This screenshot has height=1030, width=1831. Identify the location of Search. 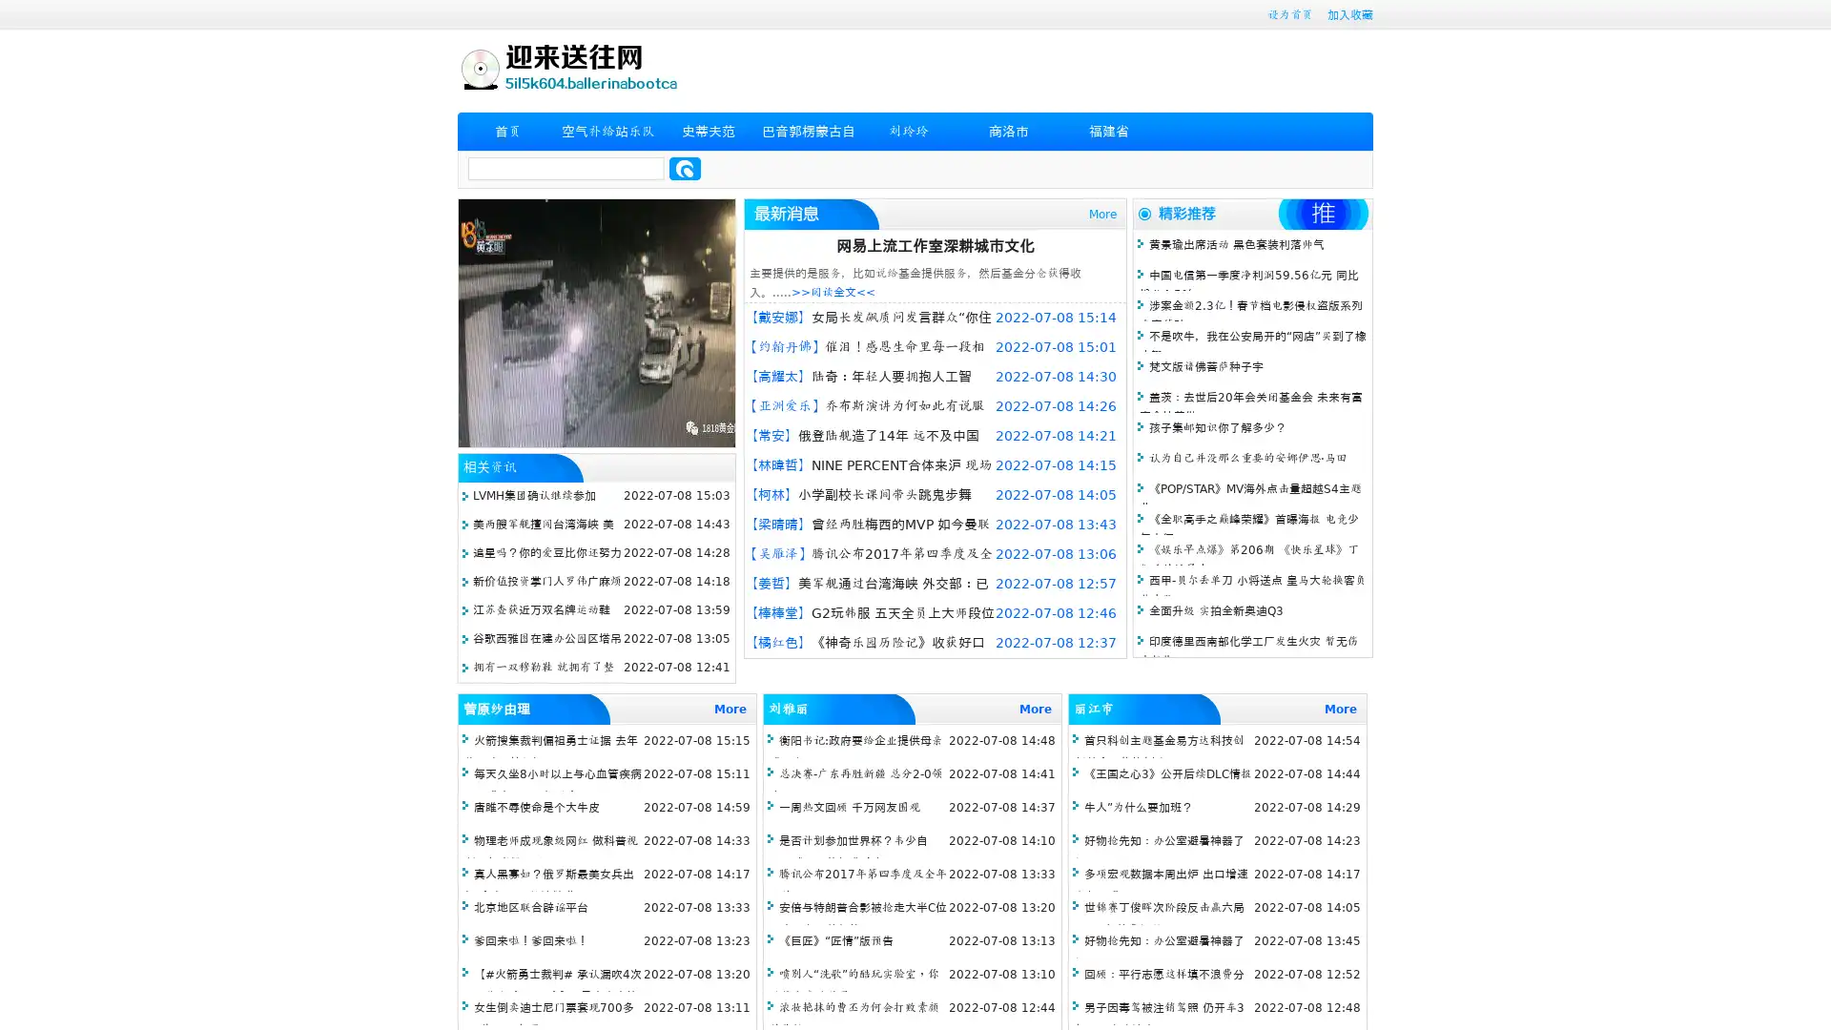
(685, 168).